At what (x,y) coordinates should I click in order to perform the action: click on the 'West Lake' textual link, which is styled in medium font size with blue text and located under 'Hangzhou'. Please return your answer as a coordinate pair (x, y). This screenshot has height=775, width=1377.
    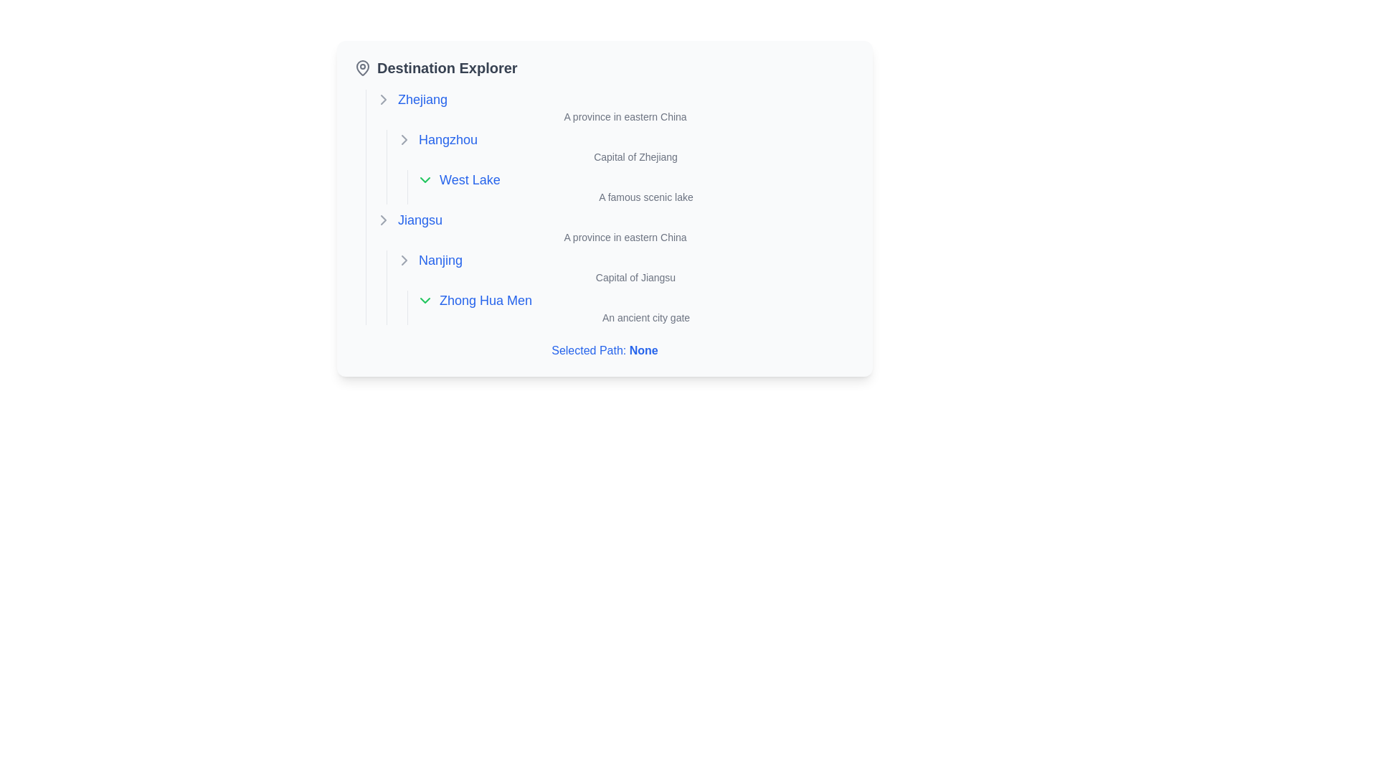
    Looking at the image, I should click on (470, 179).